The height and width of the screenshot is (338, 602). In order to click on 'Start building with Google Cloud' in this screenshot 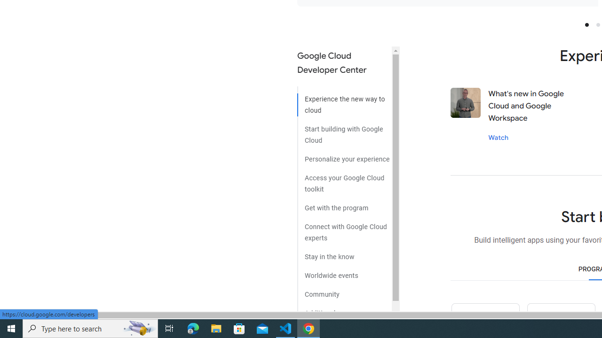, I will do `click(344, 131)`.